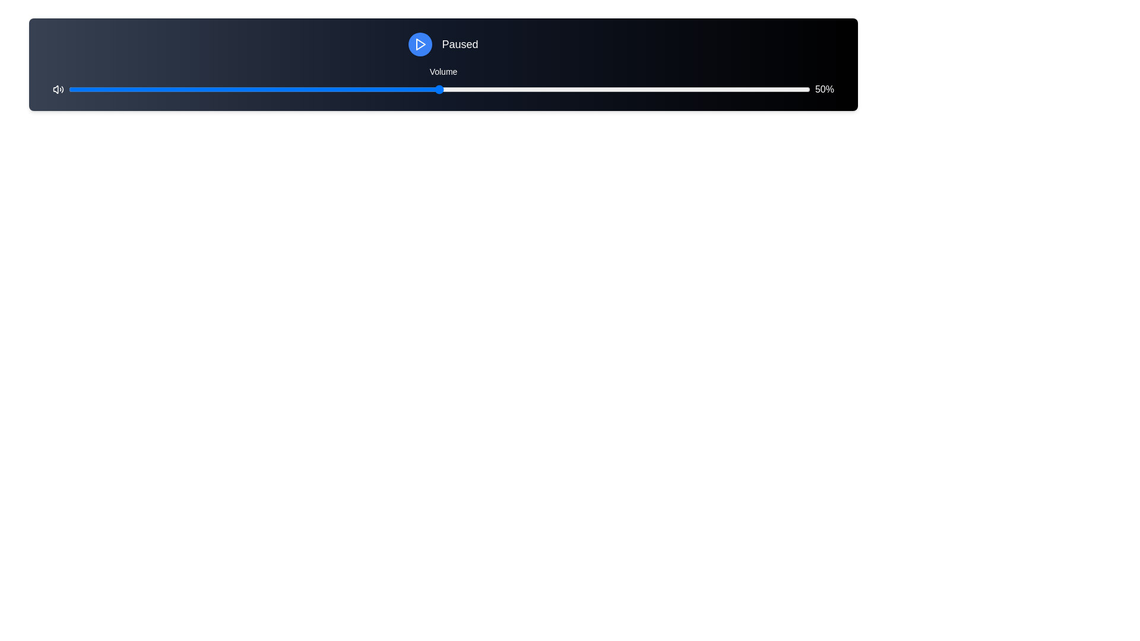 This screenshot has height=641, width=1140. I want to click on the volume, so click(431, 88).